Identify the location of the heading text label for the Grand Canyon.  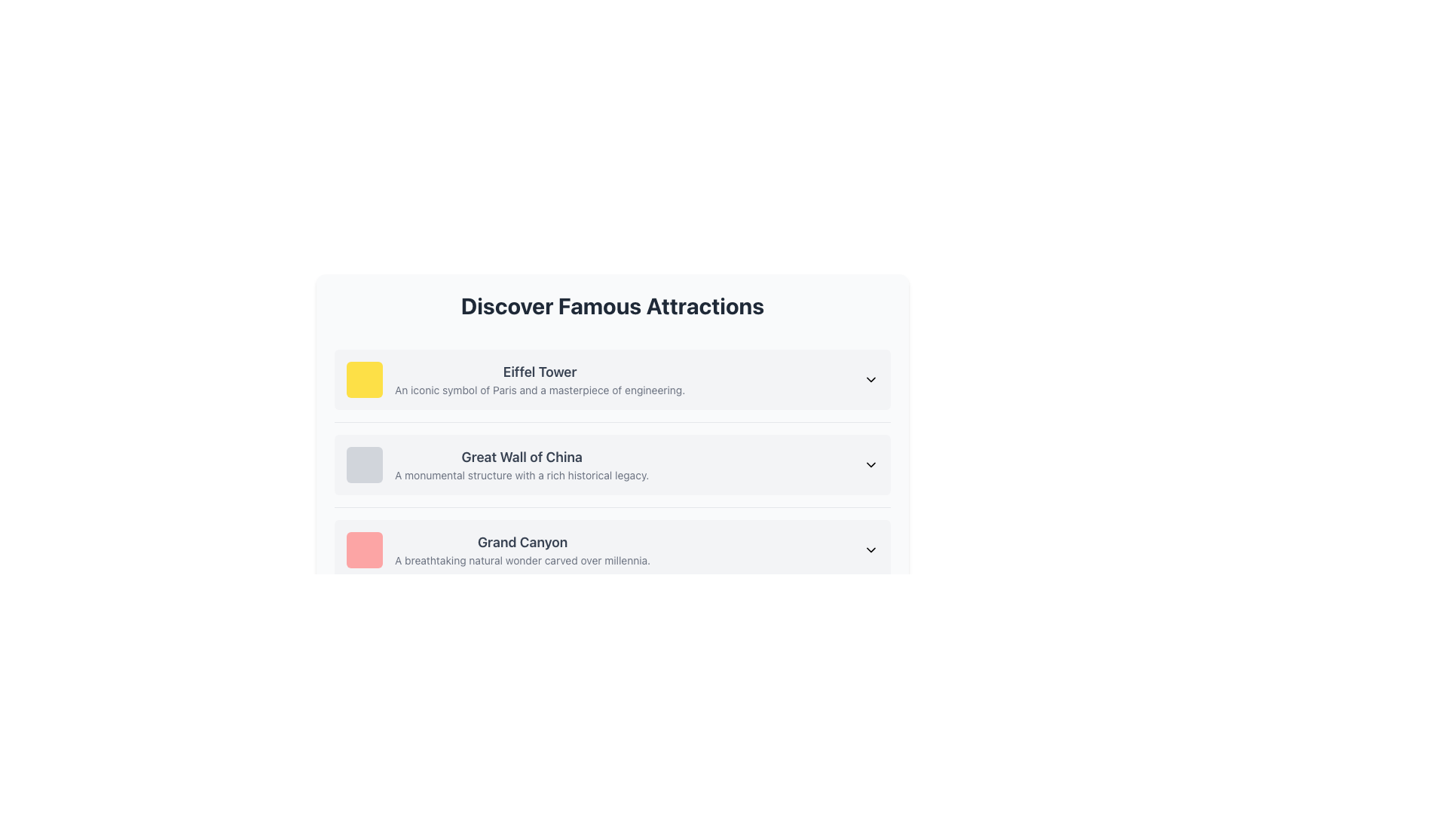
(522, 543).